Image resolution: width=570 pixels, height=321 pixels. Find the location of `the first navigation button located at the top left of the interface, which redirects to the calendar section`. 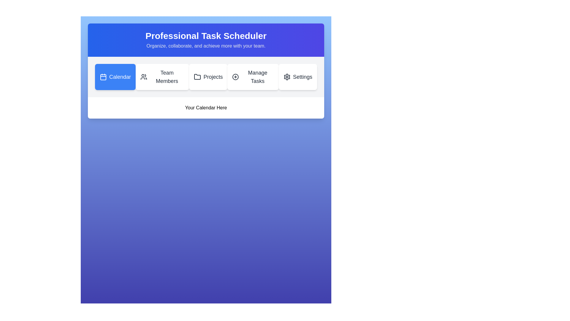

the first navigation button located at the top left of the interface, which redirects to the calendar section is located at coordinates (115, 76).